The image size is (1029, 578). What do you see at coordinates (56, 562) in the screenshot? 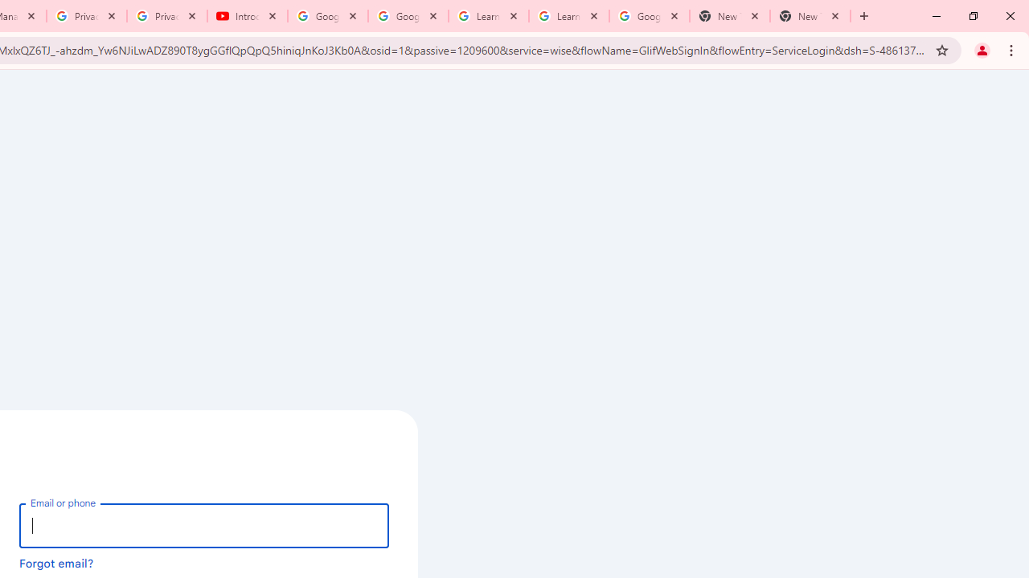
I see `'Forgot email?'` at bounding box center [56, 562].